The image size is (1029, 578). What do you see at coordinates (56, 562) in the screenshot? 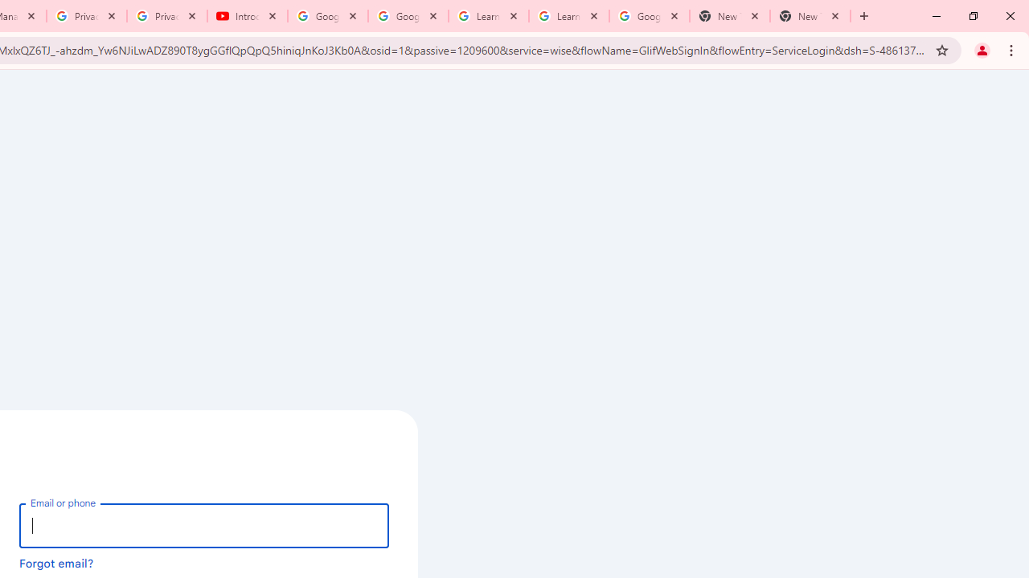
I see `'Forgot email?'` at bounding box center [56, 562].